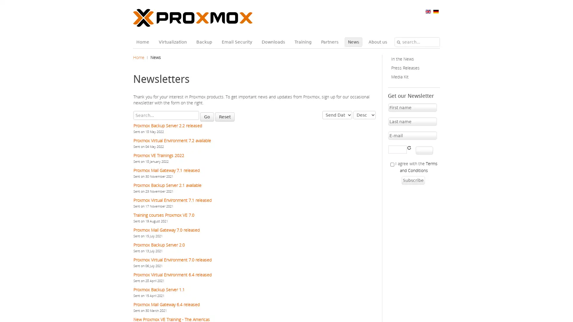 This screenshot has width=573, height=322. What do you see at coordinates (412, 180) in the screenshot?
I see `Subscribe` at bounding box center [412, 180].